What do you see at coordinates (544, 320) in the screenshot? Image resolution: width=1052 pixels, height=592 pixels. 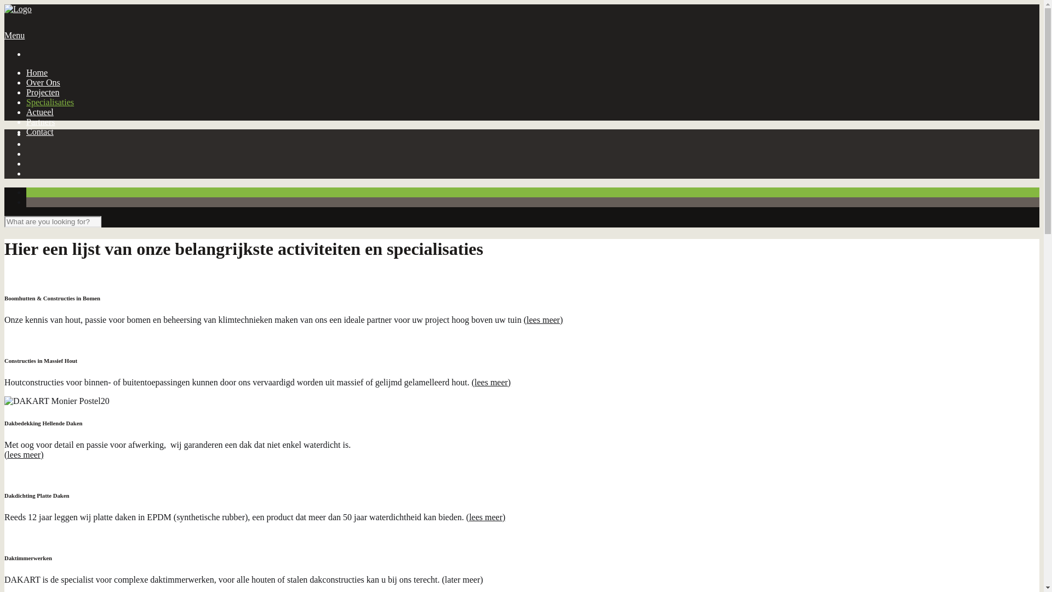 I see `'(lees meer)'` at bounding box center [544, 320].